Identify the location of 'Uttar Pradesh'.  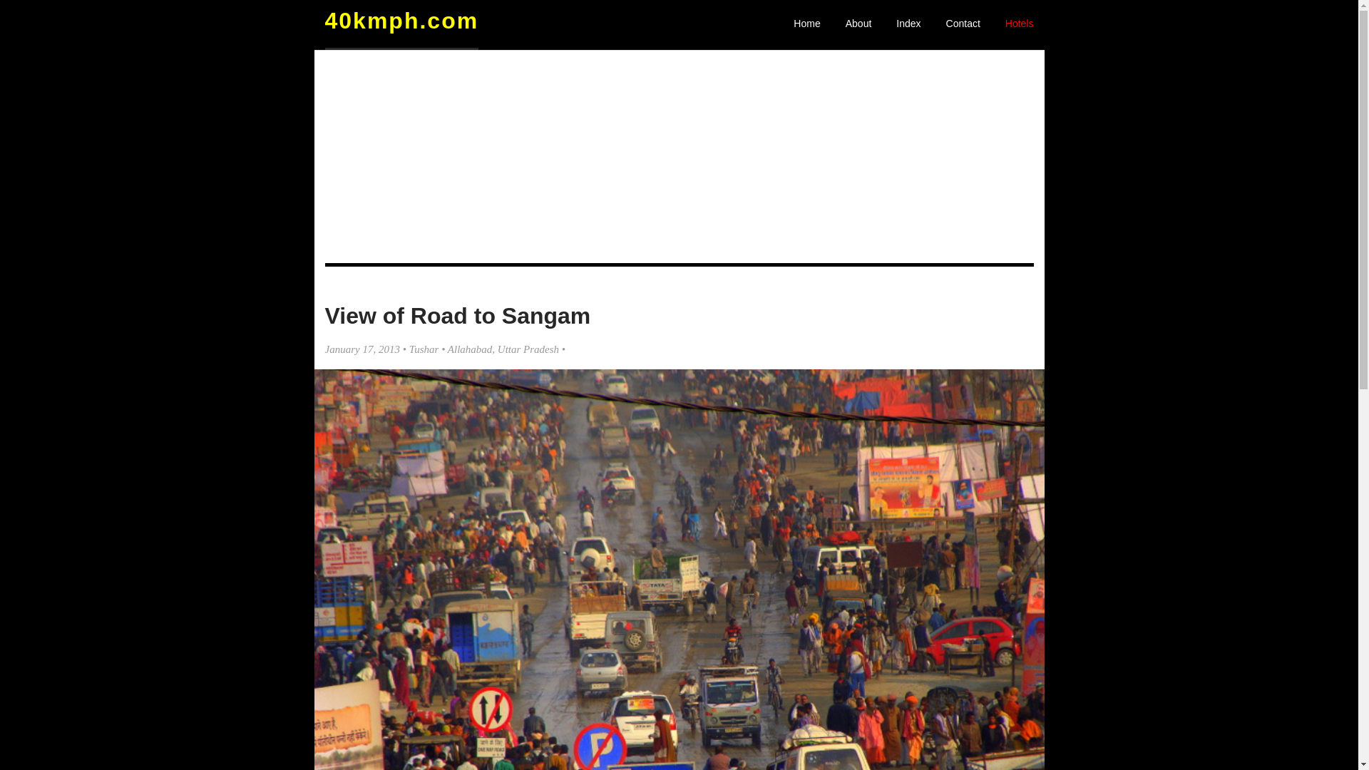
(527, 349).